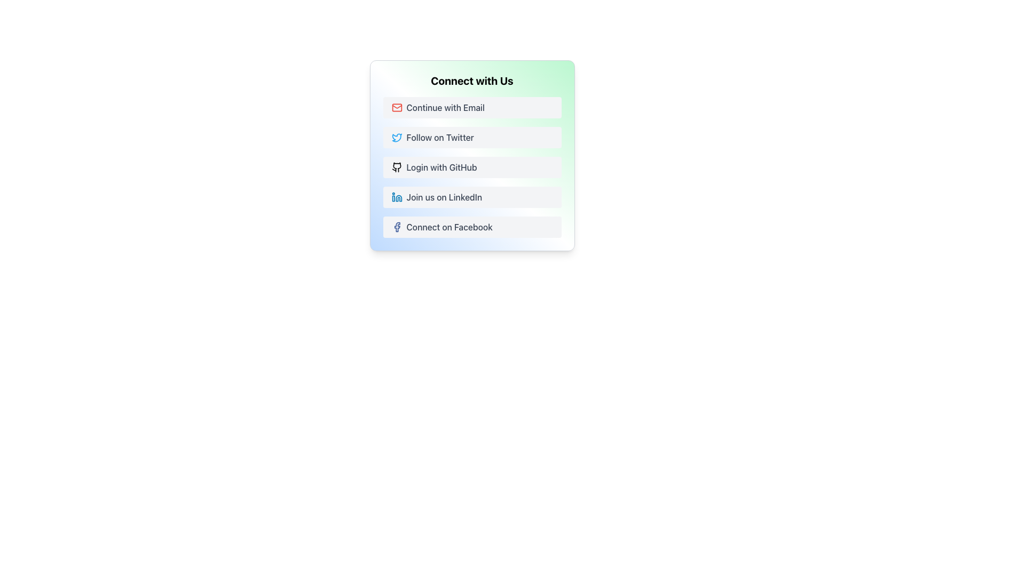  I want to click on the red-outlined mail icon located beside the 'Continue with Email' button, which features a centered envelope illustration and is the first item on the left side of the authentication methods list, so click(396, 107).